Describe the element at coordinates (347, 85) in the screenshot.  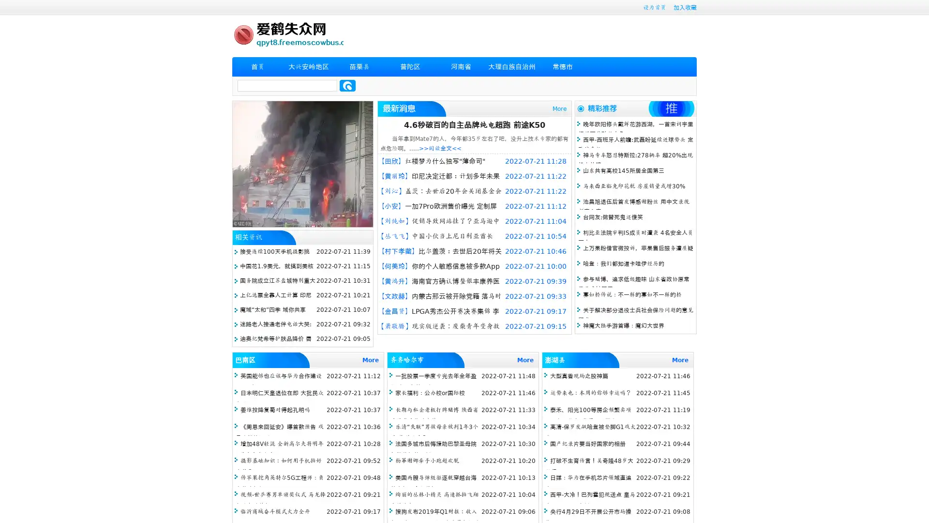
I see `Search` at that location.